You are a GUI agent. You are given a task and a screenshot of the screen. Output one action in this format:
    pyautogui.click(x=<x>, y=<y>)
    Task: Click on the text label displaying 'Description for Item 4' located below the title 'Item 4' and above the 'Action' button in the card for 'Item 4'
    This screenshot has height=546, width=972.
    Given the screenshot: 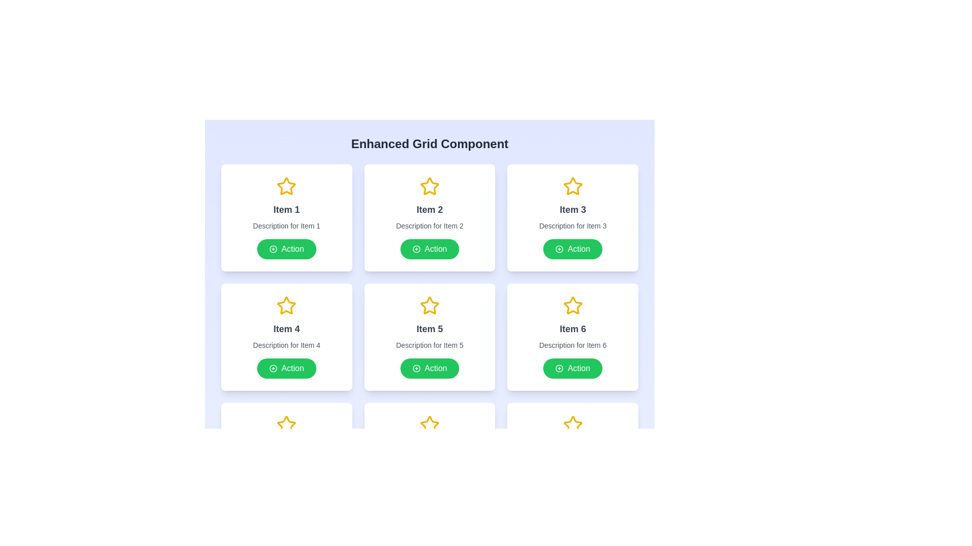 What is the action you would take?
    pyautogui.click(x=286, y=344)
    